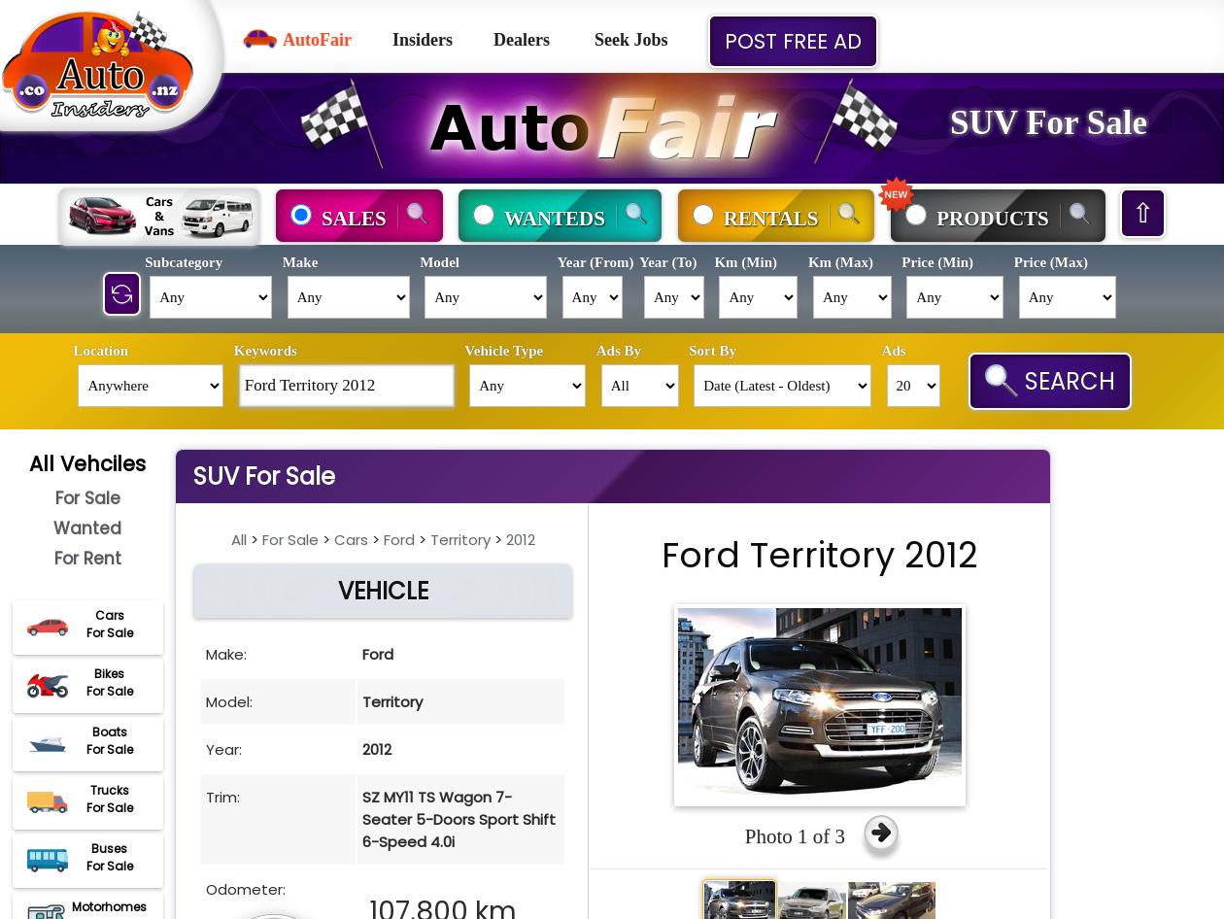  I want to click on 'SEARCH', so click(1067, 381).